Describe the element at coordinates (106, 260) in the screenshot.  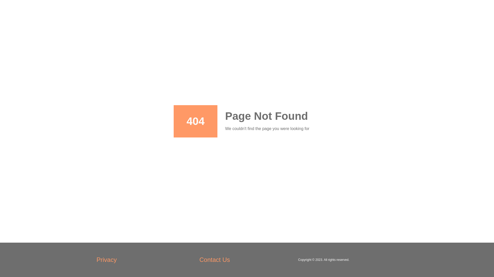
I see `'Privacy'` at that location.